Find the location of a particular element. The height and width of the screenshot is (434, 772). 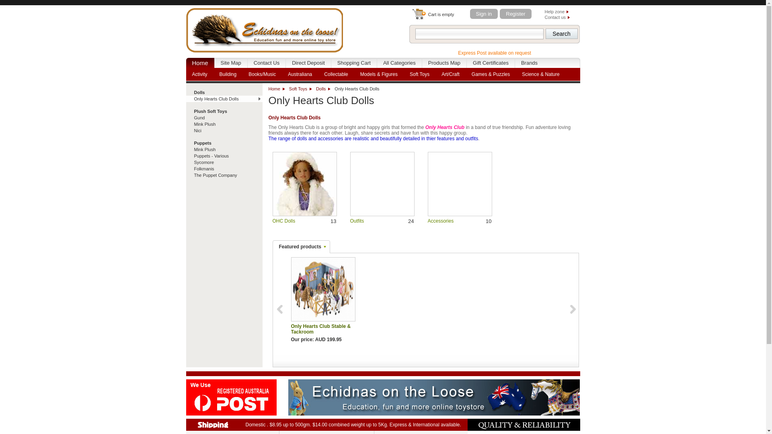

'Help zone' is located at coordinates (556, 12).